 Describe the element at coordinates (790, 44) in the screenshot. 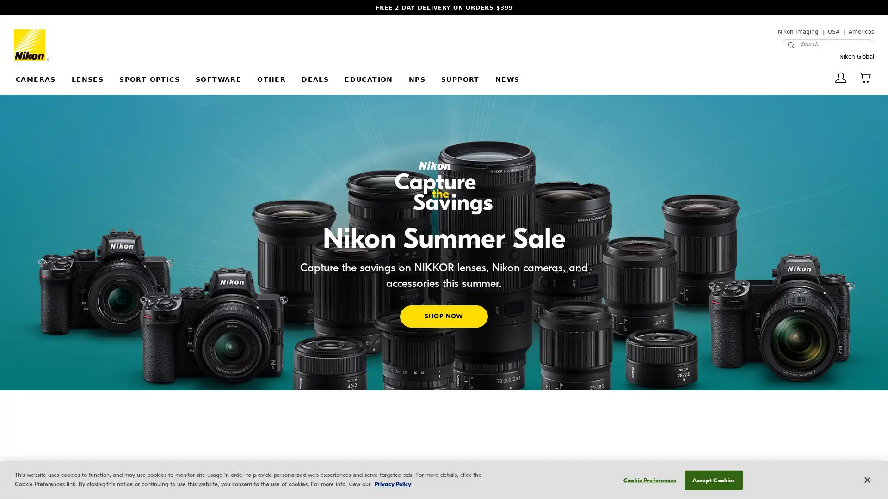

I see `Search` at that location.